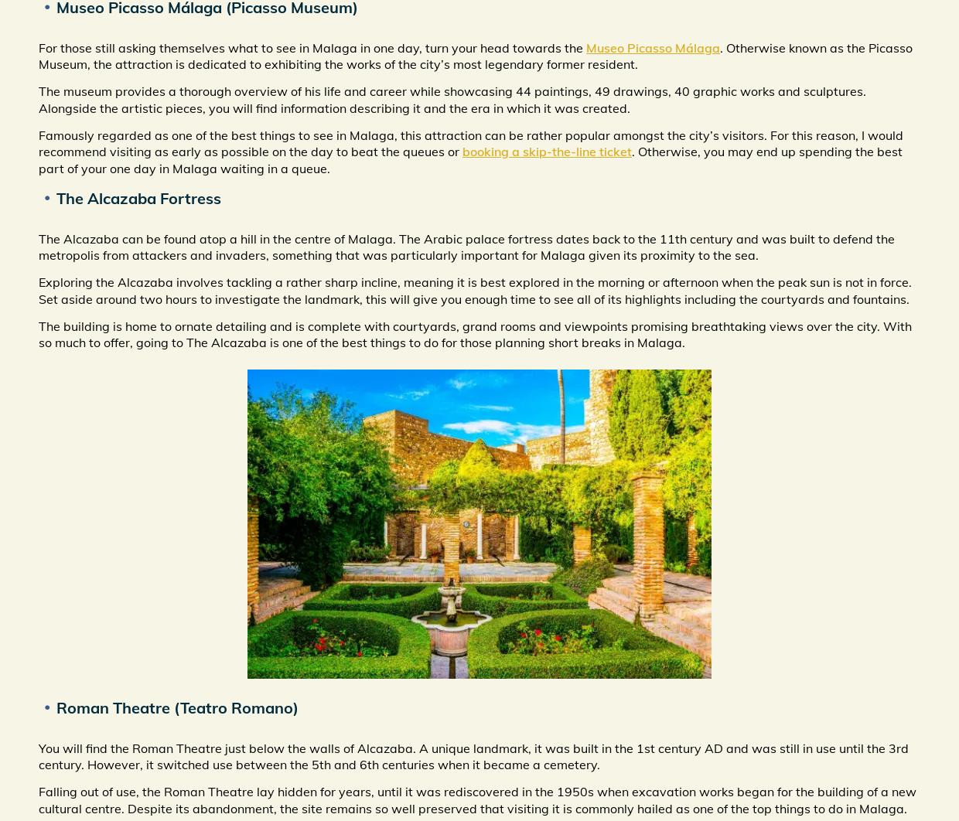 This screenshot has height=821, width=959. I want to click on 'The building is home to ornate detailing and is complete with courtyards, grand rooms and viewpoints promising breathtaking views over the city. With so much to offer, going to The Alcazaba is one of the best things to do for those planning short breaks in Malaga.', so click(475, 333).